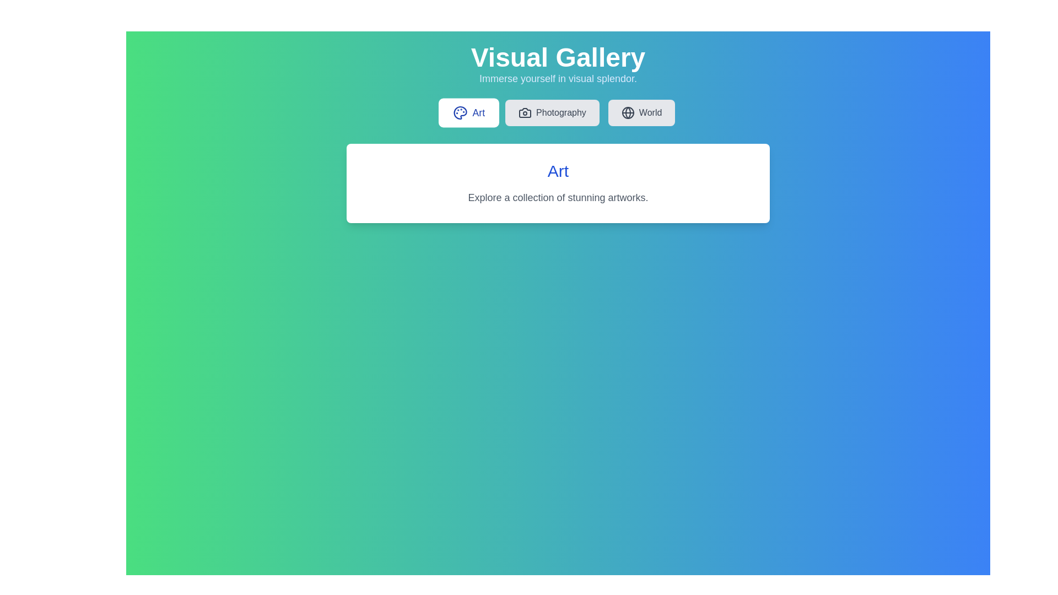  Describe the element at coordinates (641, 112) in the screenshot. I see `the navigation button labeled World` at that location.